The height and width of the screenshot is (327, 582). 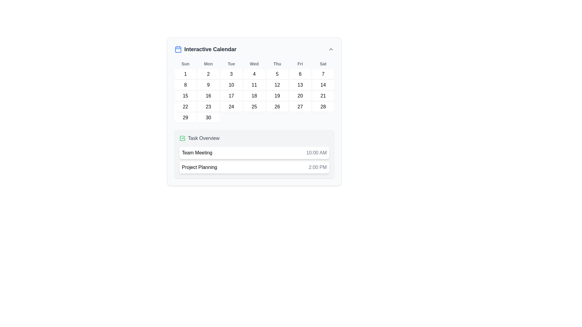 I want to click on the Interactive calendar day button displaying '17', so click(x=231, y=95).